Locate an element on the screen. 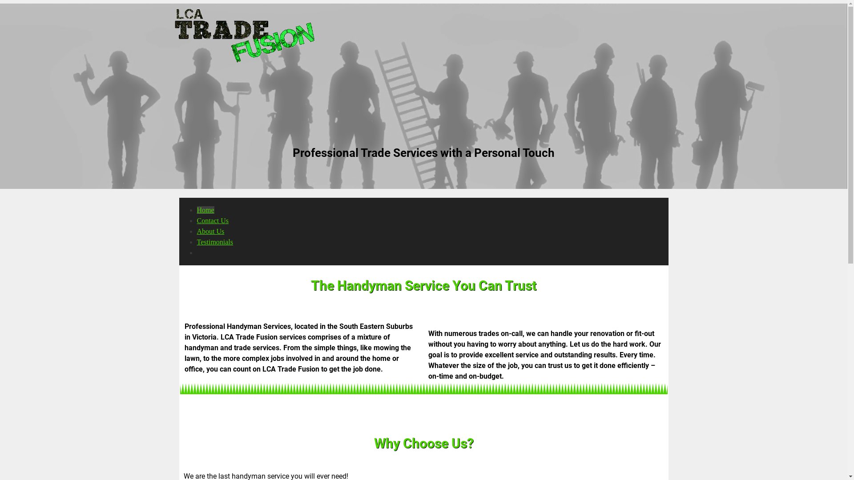  'Home' is located at coordinates (205, 210).